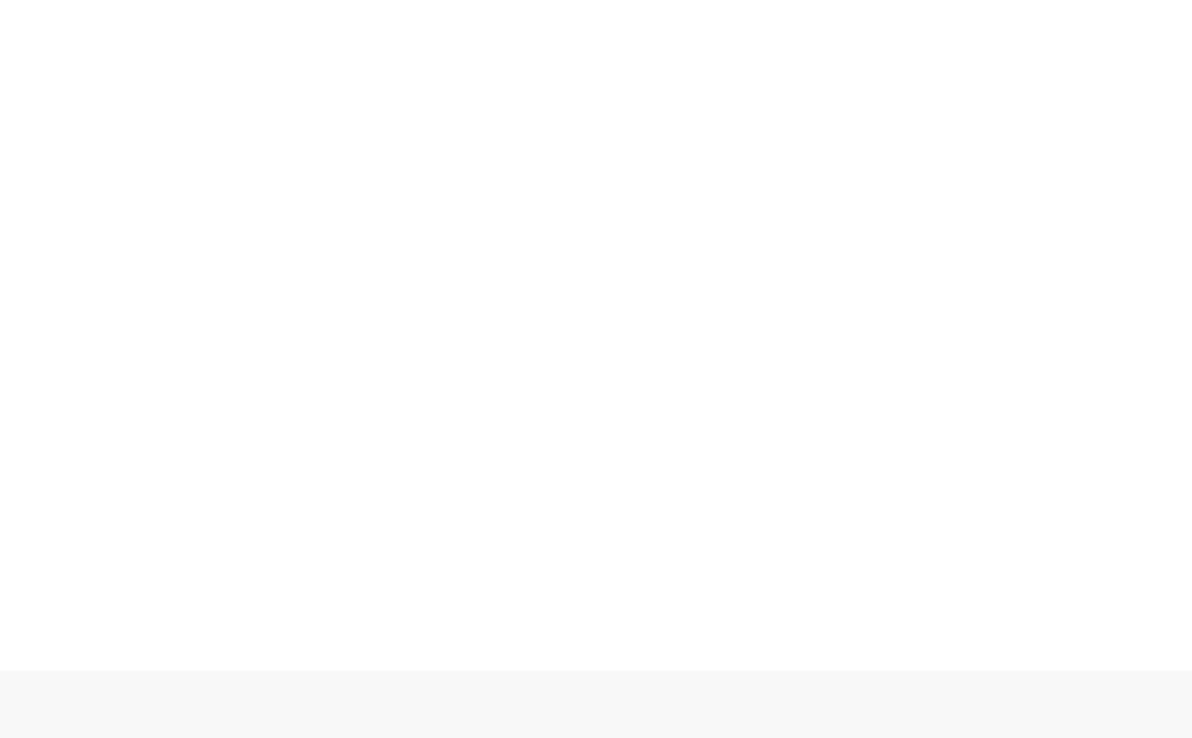  What do you see at coordinates (342, 158) in the screenshot?
I see `'Website'` at bounding box center [342, 158].